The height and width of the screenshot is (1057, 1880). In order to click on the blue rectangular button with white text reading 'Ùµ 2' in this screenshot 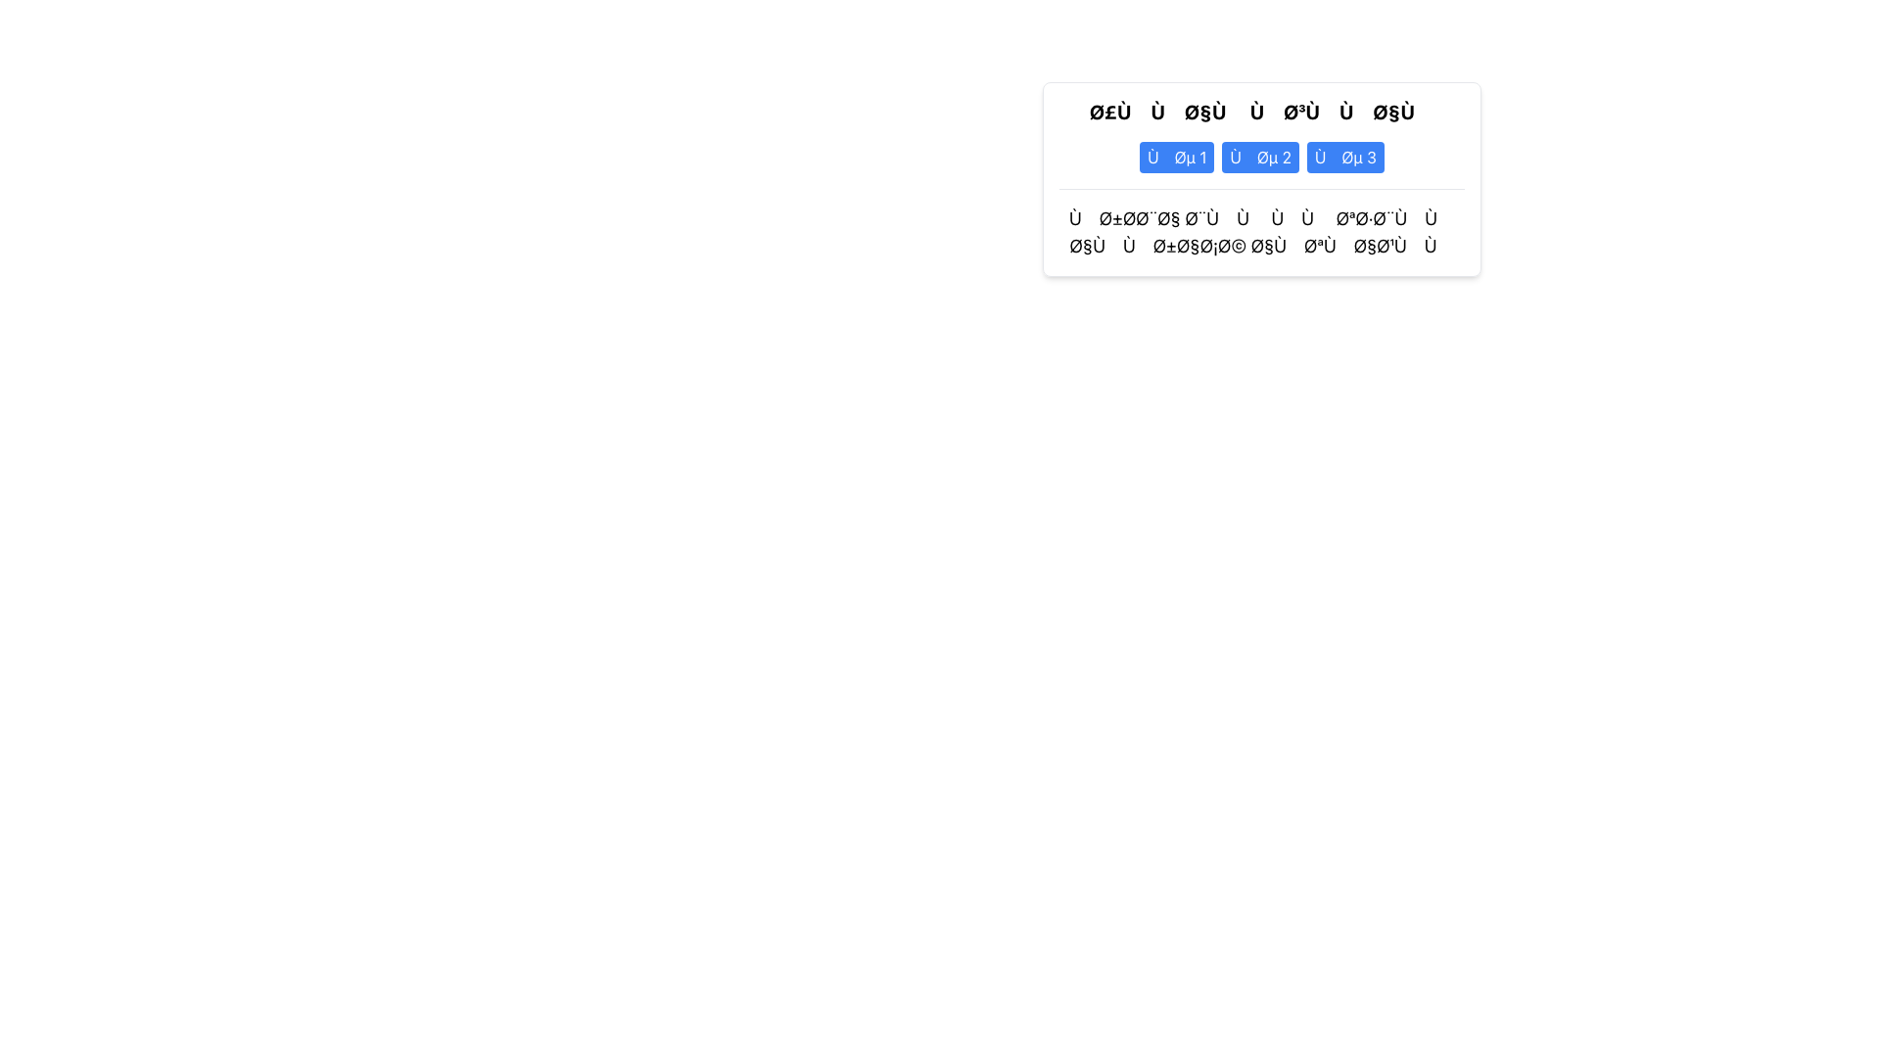, I will do `click(1260, 157)`.